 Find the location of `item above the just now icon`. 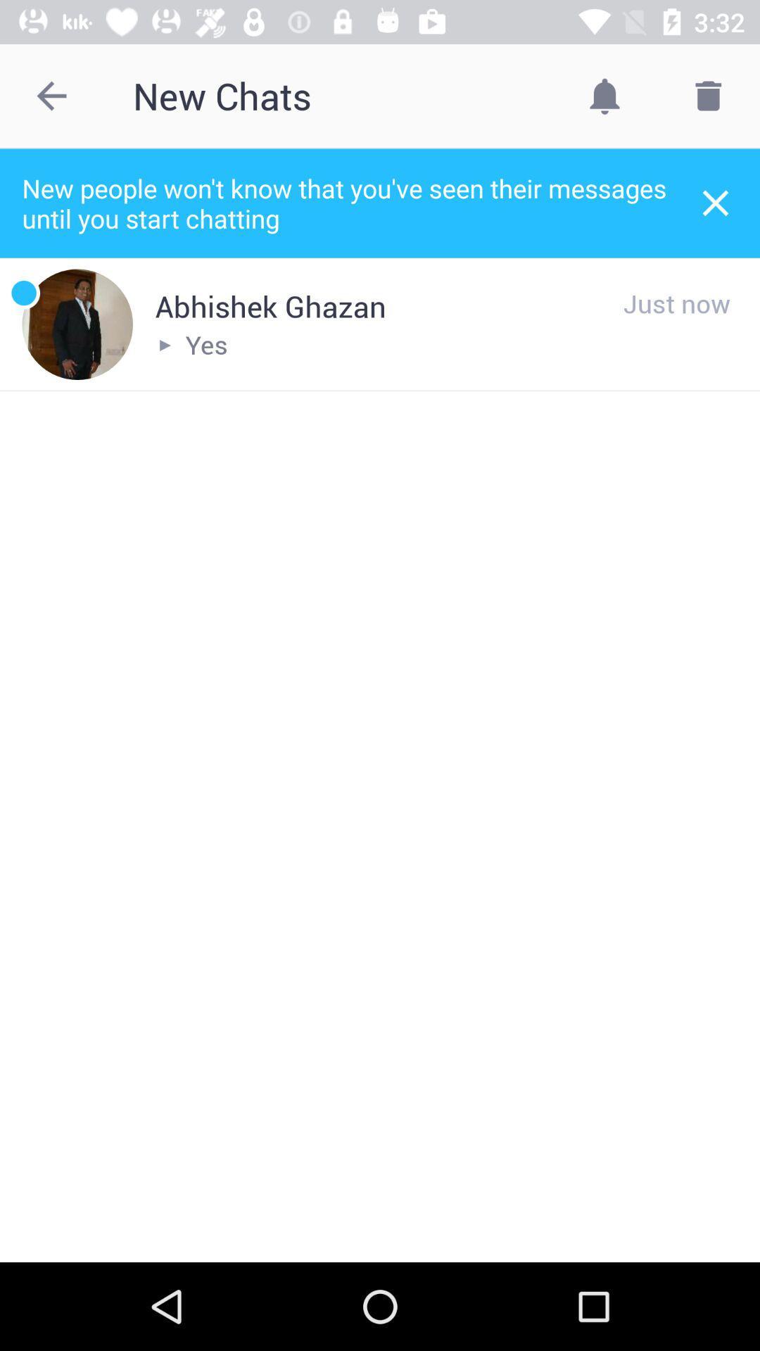

item above the just now icon is located at coordinates (716, 202).